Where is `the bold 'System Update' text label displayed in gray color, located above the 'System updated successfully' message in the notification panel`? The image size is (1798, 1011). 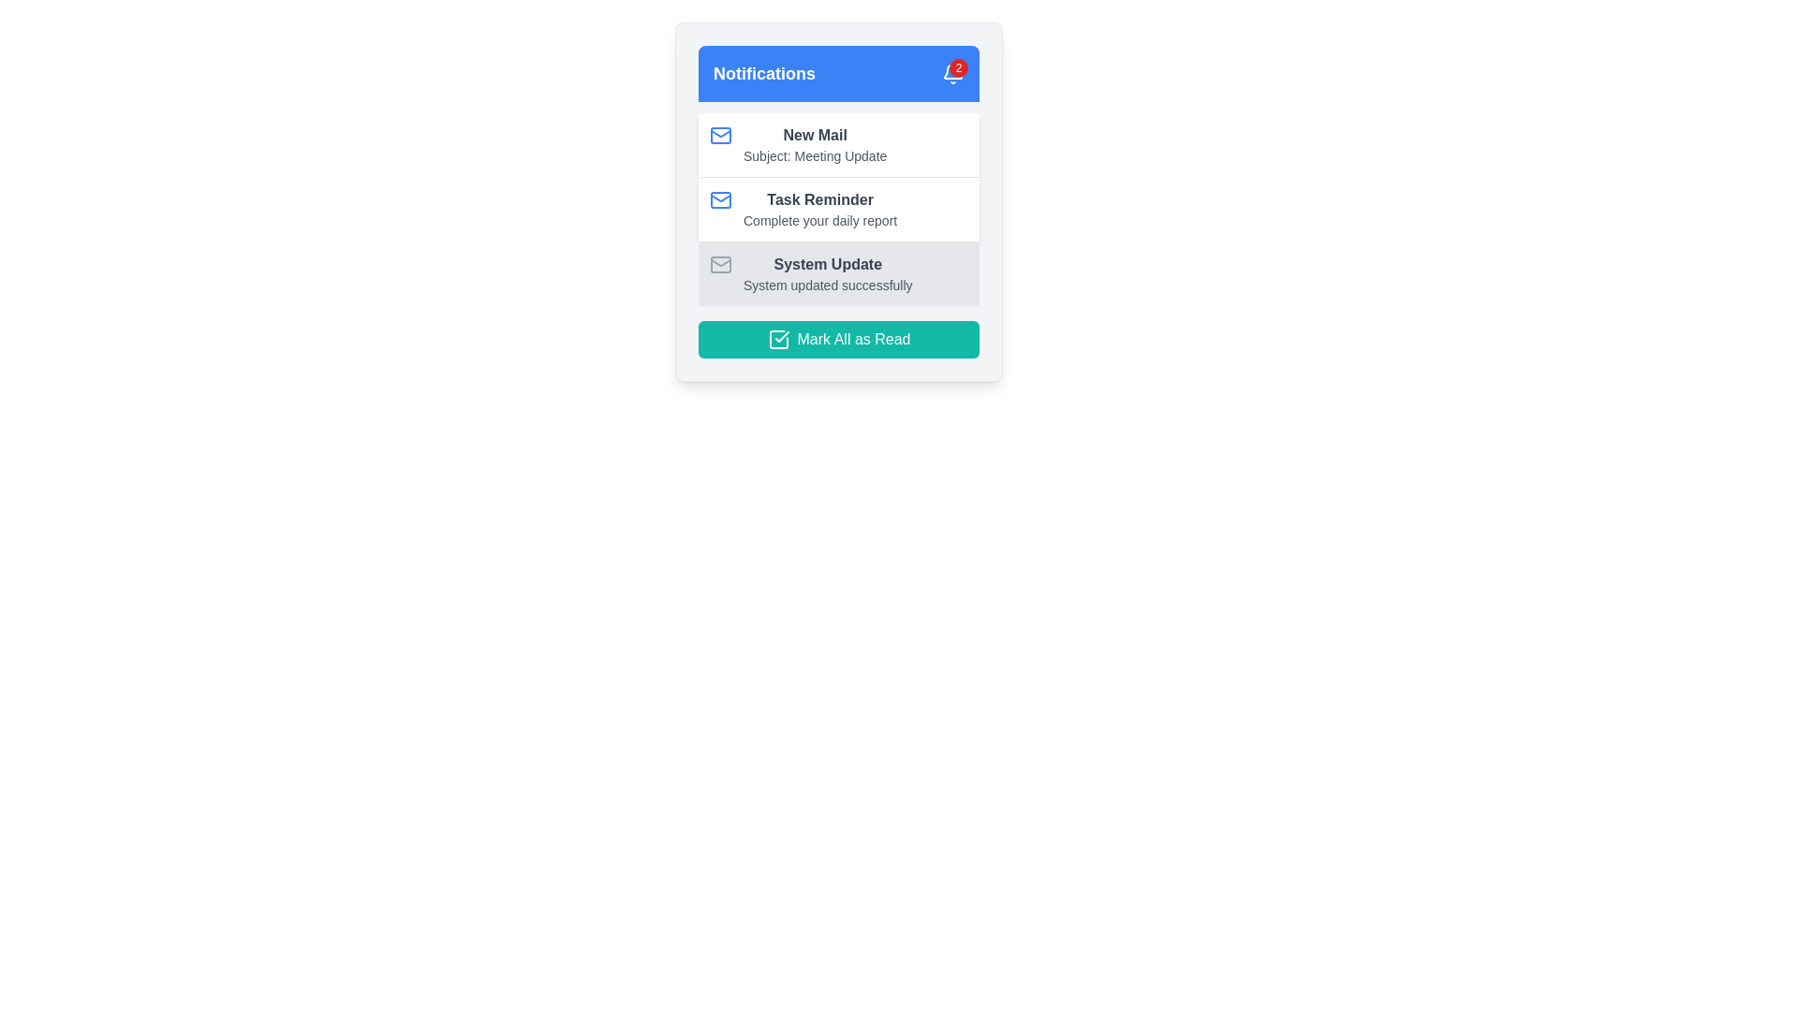 the bold 'System Update' text label displayed in gray color, located above the 'System updated successfully' message in the notification panel is located at coordinates (826, 264).